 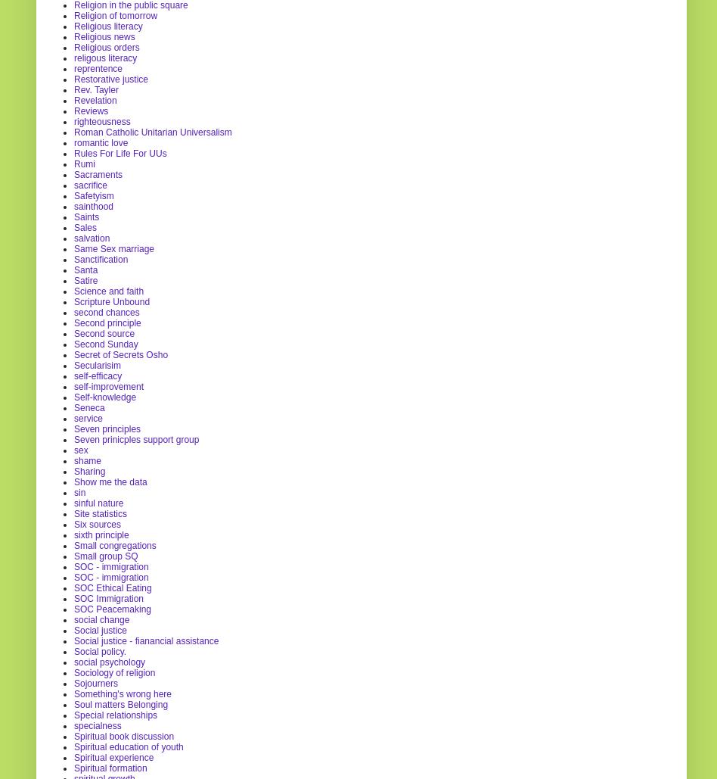 I want to click on 'Reviews', so click(x=90, y=110).